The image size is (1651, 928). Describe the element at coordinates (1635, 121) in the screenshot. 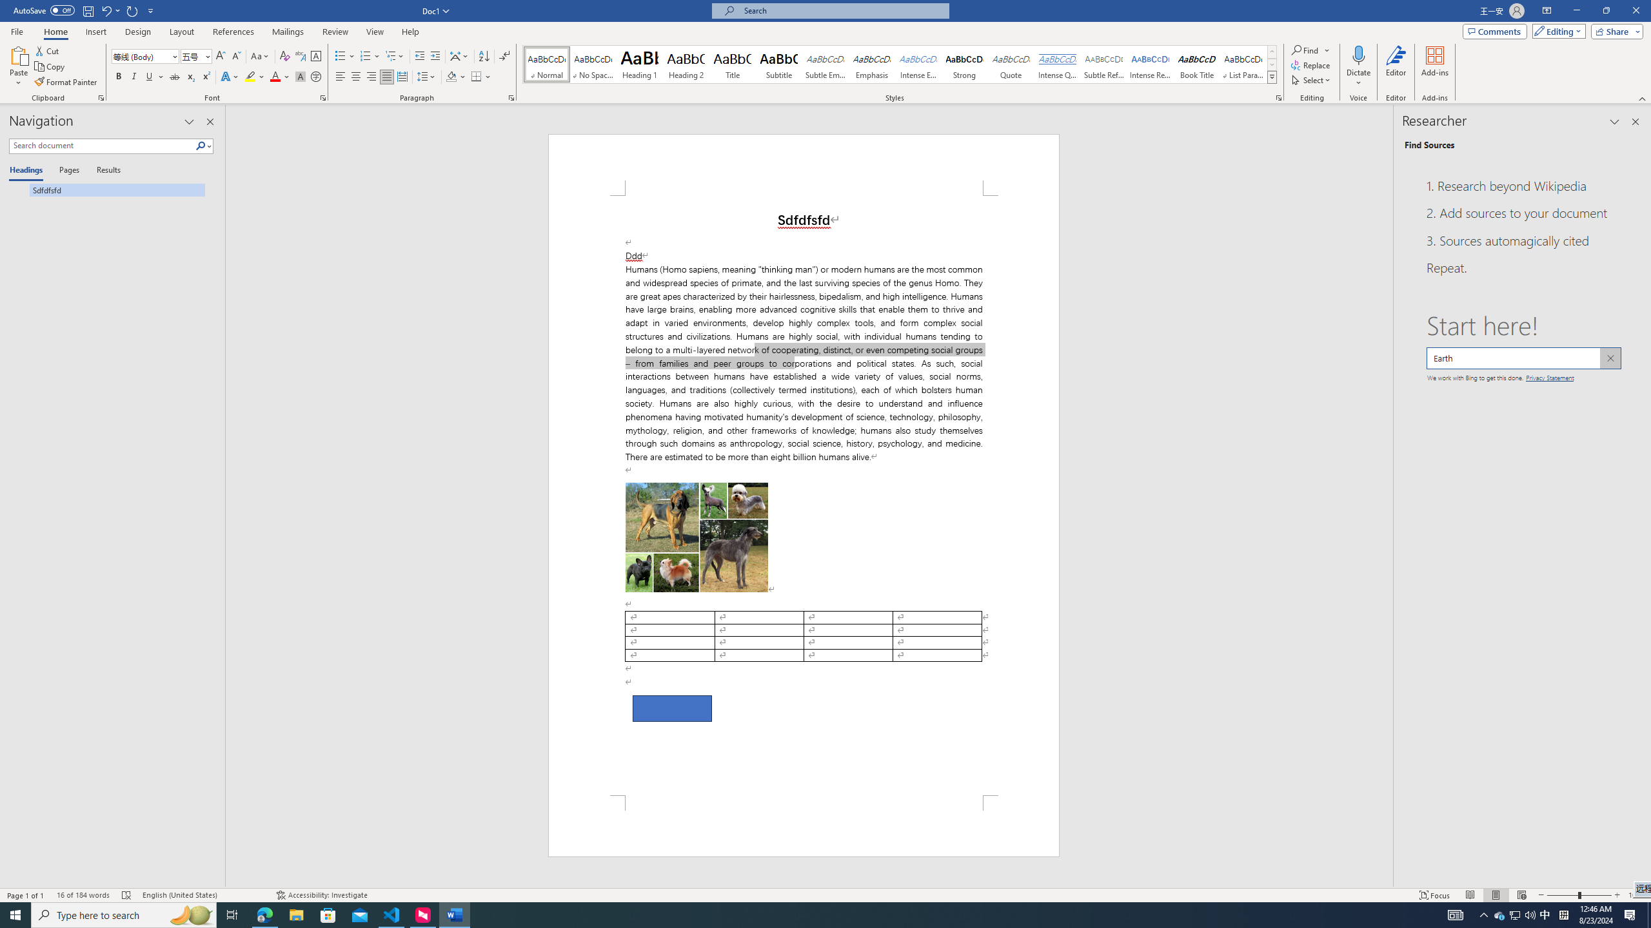

I see `'Close pane'` at that location.